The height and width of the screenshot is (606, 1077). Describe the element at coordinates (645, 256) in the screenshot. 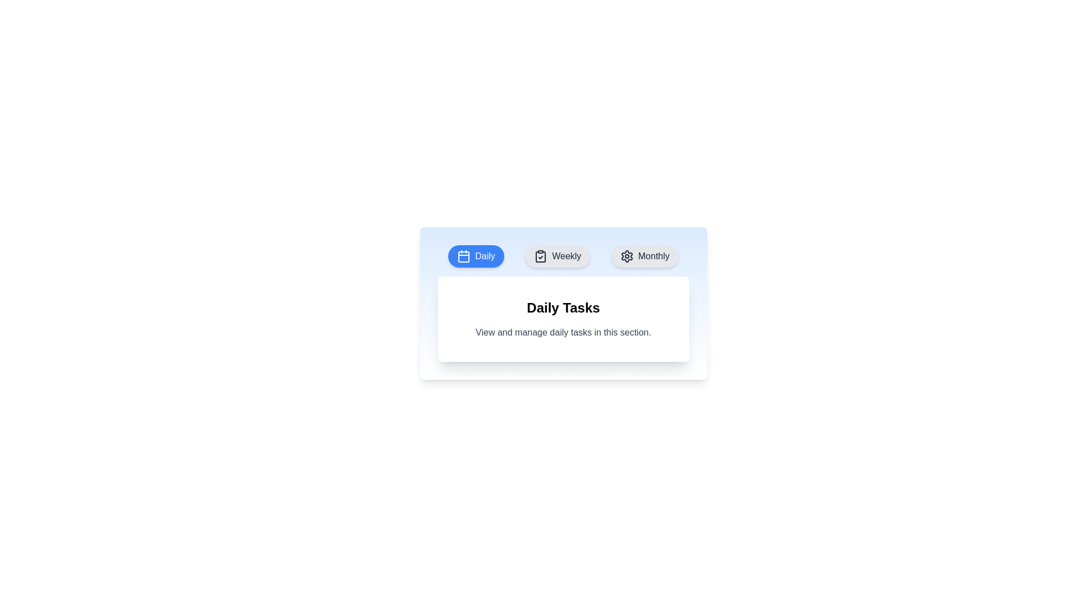

I see `the Monthly tab to observe its hover effect` at that location.